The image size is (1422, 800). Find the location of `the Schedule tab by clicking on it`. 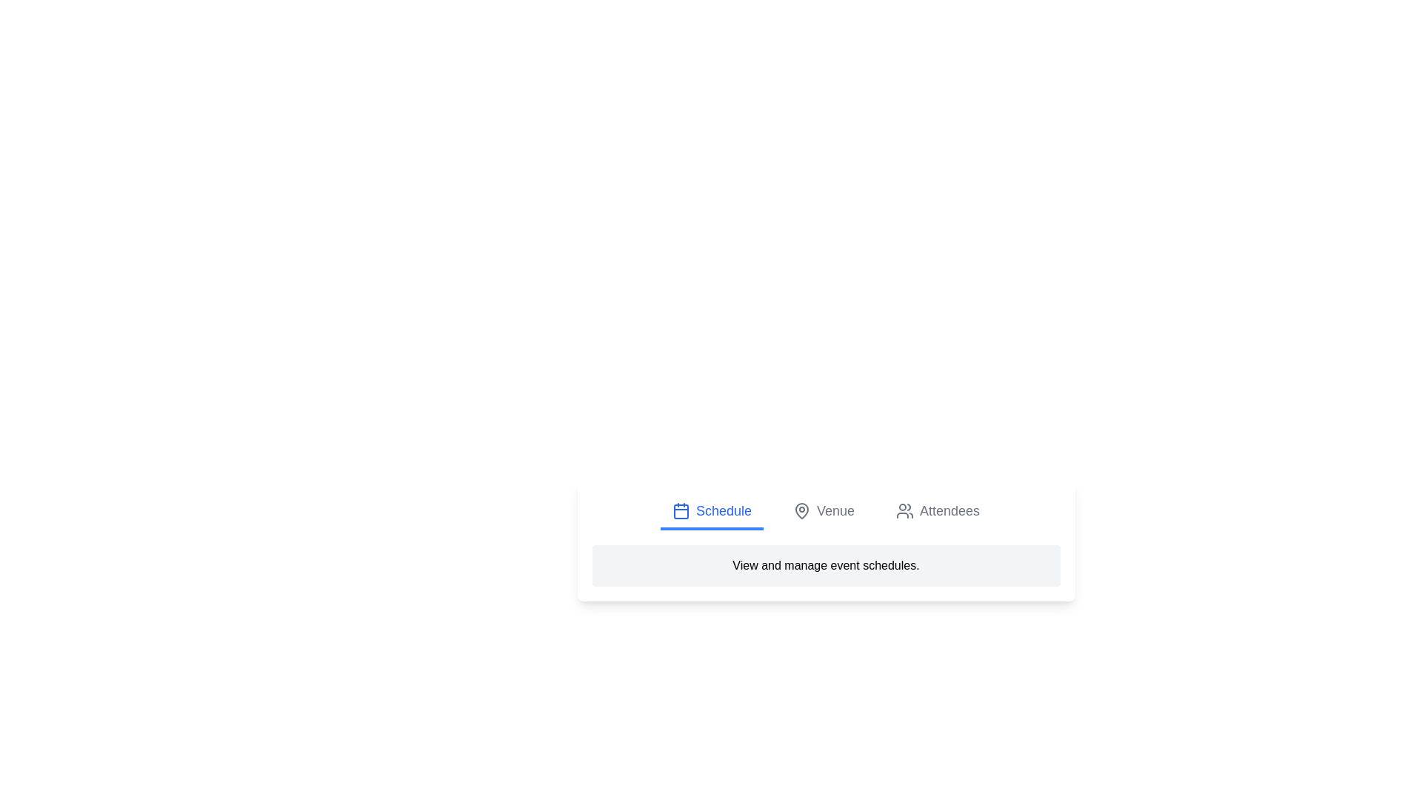

the Schedule tab by clicking on it is located at coordinates (712, 511).